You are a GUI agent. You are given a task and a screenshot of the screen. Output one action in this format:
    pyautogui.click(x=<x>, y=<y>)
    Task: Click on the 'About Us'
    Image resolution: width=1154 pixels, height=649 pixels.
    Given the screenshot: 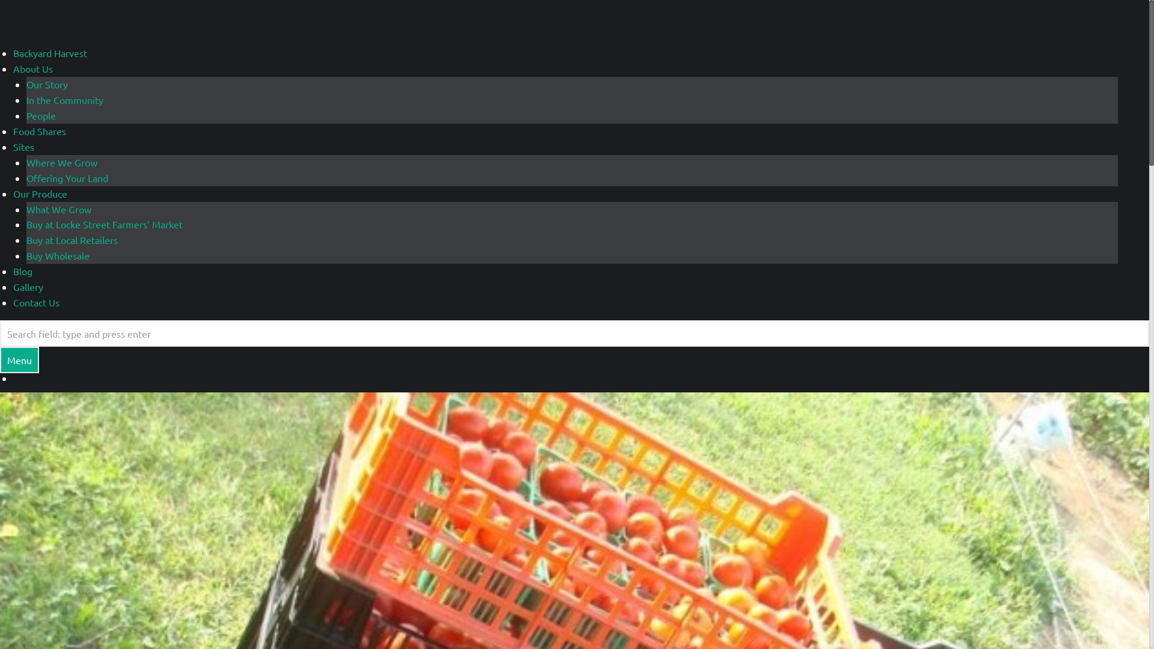 What is the action you would take?
    pyautogui.click(x=32, y=69)
    